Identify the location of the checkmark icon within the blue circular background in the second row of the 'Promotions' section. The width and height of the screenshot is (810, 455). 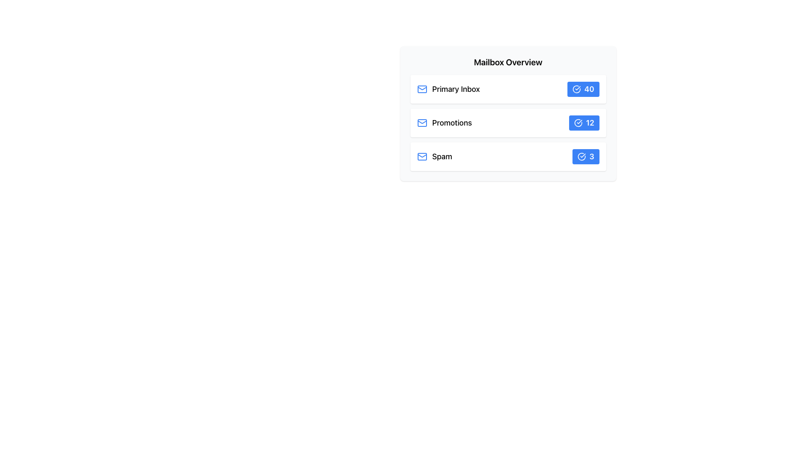
(578, 123).